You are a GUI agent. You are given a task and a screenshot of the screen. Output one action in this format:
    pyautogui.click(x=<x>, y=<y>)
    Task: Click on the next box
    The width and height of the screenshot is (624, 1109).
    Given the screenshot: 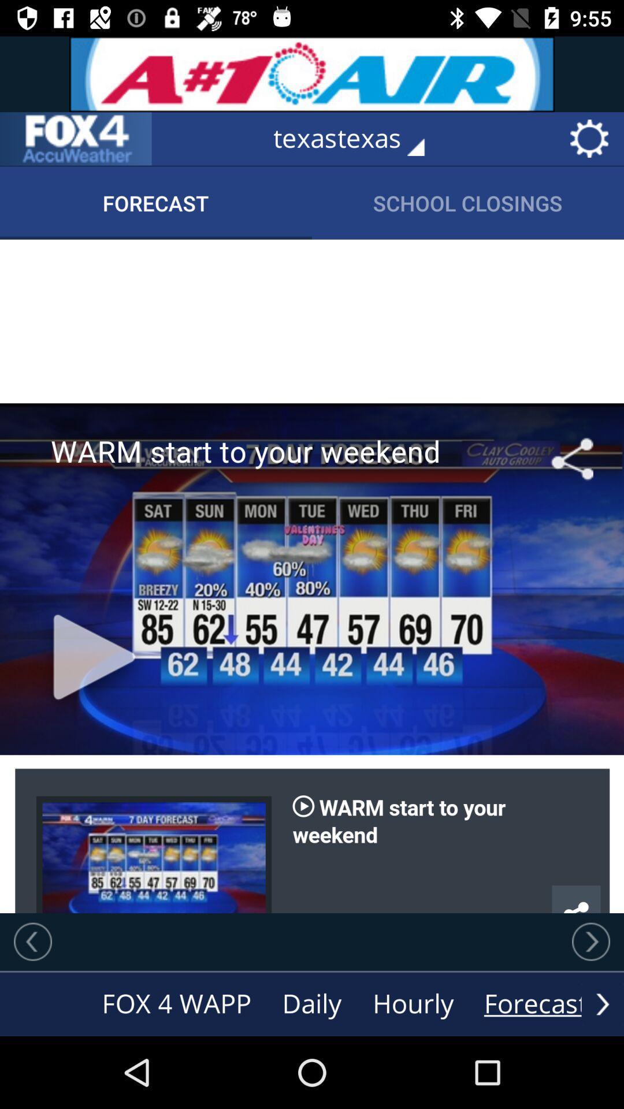 What is the action you would take?
    pyautogui.click(x=32, y=941)
    